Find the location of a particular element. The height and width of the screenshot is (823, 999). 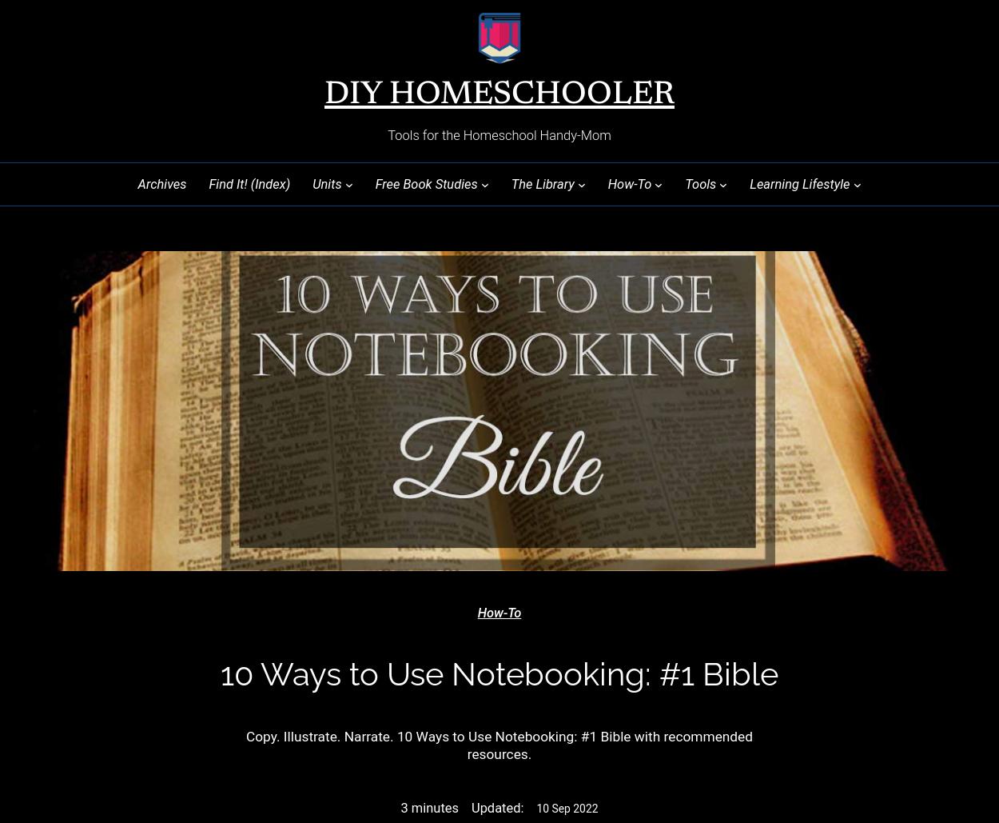

'Updated:' is located at coordinates (496, 806).